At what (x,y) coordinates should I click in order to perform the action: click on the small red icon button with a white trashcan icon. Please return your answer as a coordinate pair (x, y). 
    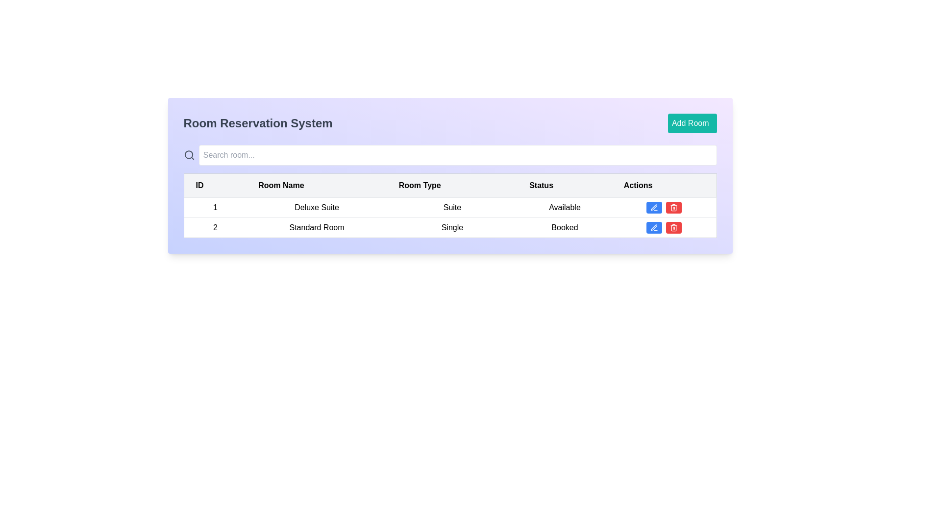
    Looking at the image, I should click on (673, 228).